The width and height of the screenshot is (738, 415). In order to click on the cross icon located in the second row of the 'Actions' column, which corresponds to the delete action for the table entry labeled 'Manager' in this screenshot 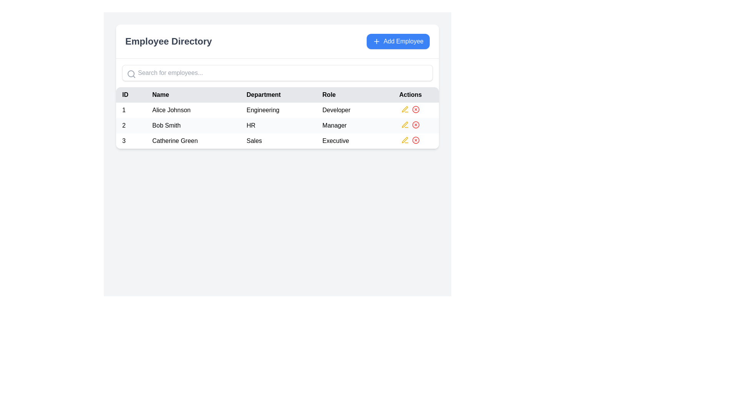, I will do `click(410, 124)`.